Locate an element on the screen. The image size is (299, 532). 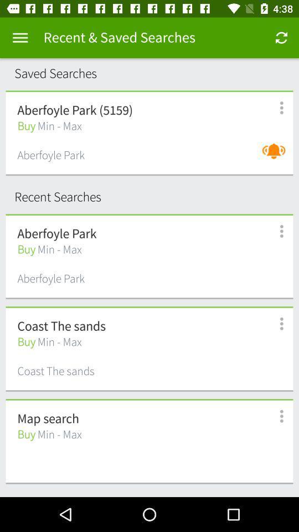
item to the right of aberfoyle park icon is located at coordinates (276, 156).